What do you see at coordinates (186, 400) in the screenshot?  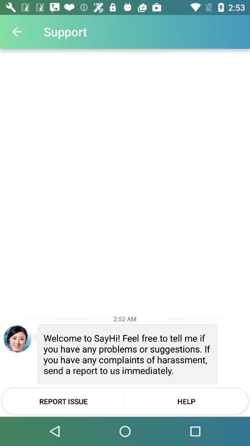 I see `the item below the welcome to sayhi` at bounding box center [186, 400].